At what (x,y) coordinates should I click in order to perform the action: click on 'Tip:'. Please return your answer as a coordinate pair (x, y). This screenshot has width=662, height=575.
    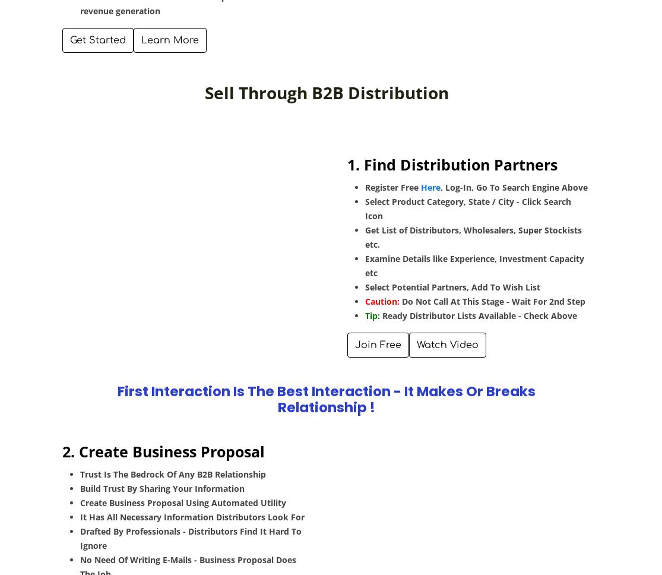
    Looking at the image, I should click on (373, 314).